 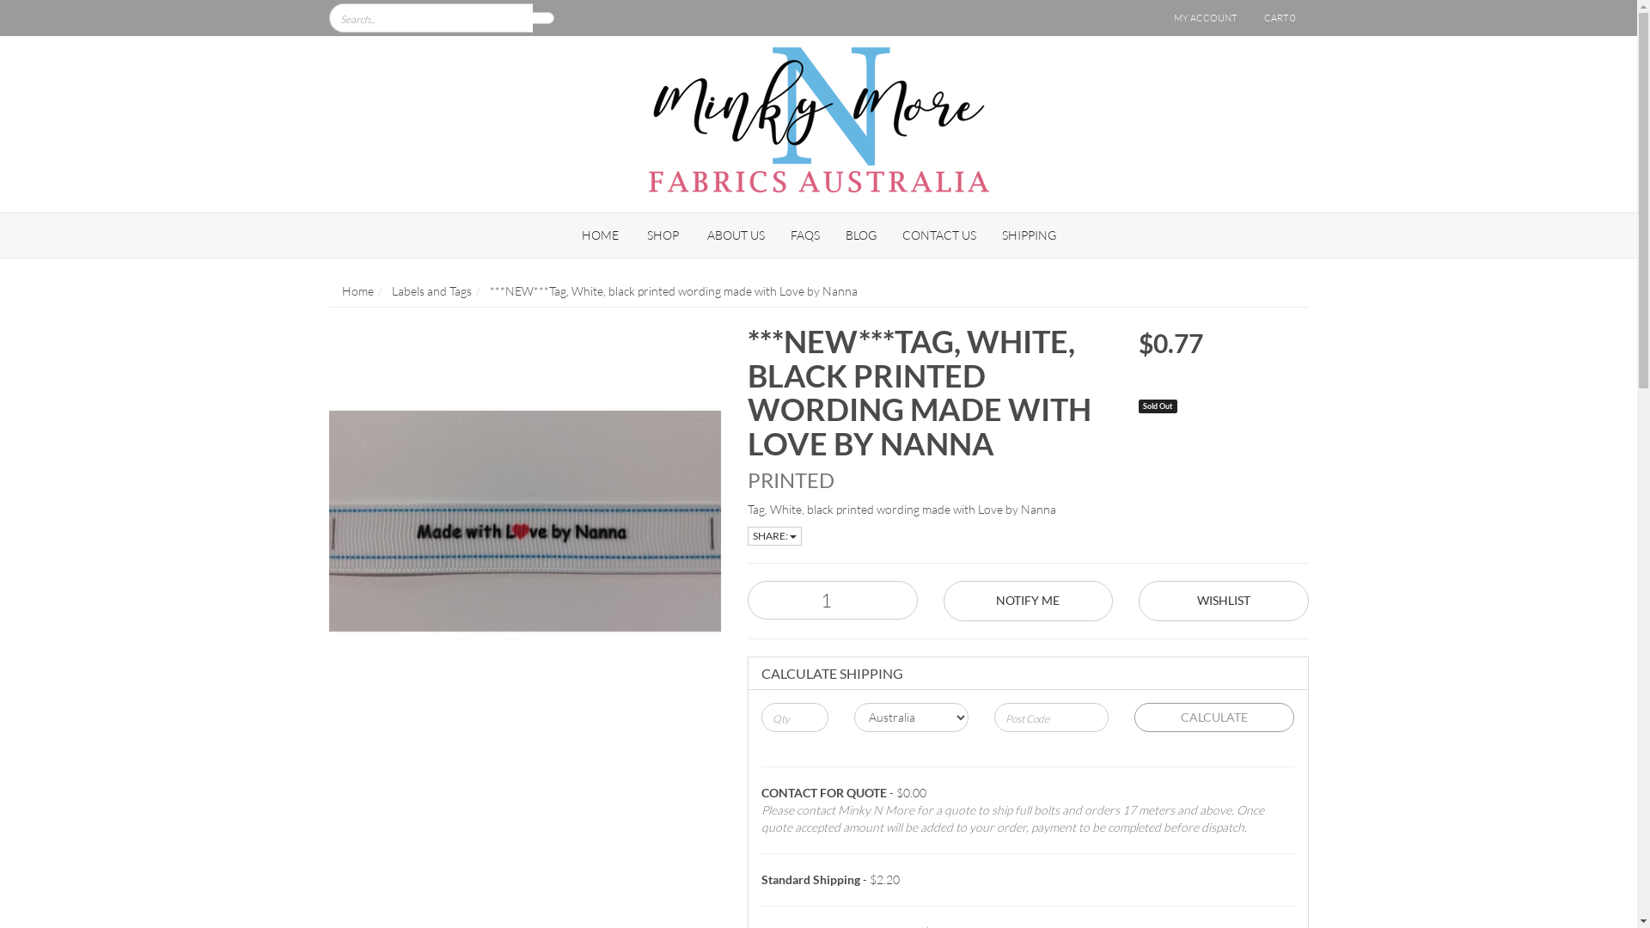 I want to click on 'MY ACCOUNT', so click(x=1203, y=17).